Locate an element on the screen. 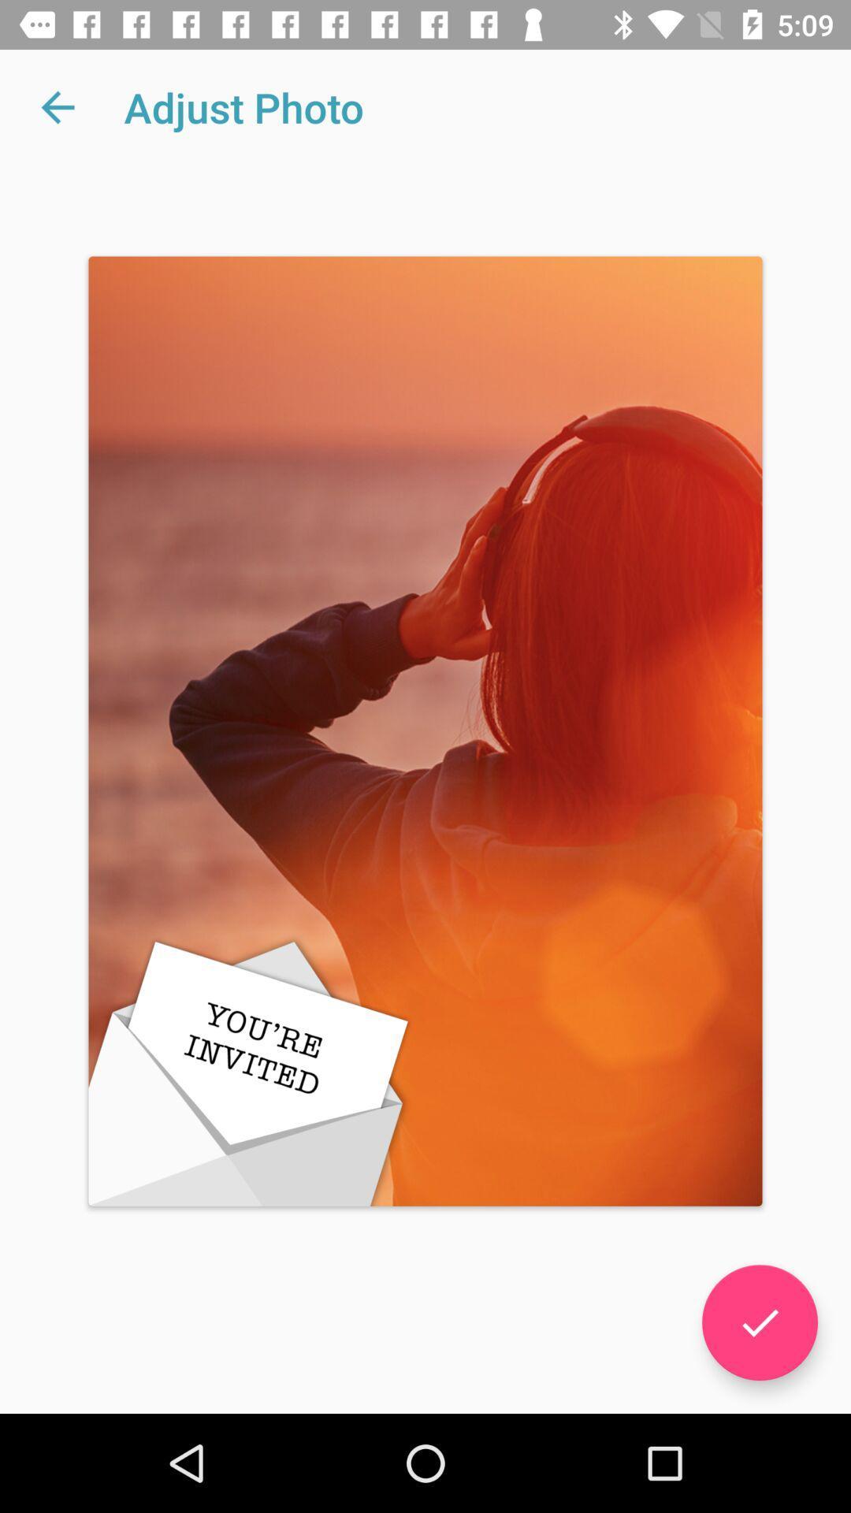 Image resolution: width=851 pixels, height=1513 pixels. item at the bottom right corner is located at coordinates (759, 1322).